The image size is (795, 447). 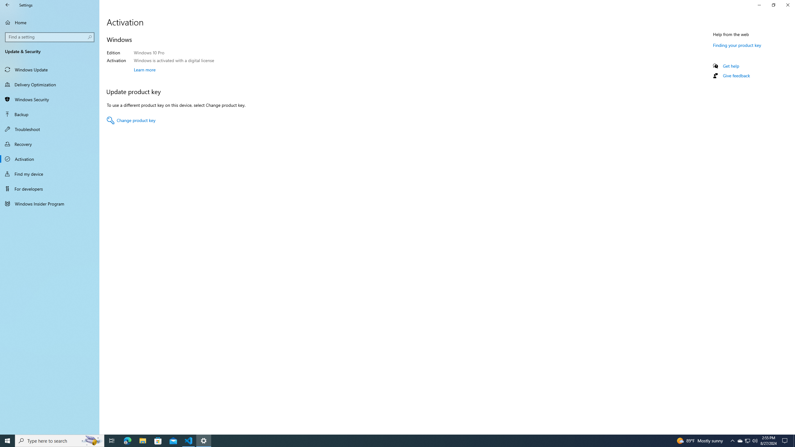 What do you see at coordinates (733, 440) in the screenshot?
I see `'Notification Chevron'` at bounding box center [733, 440].